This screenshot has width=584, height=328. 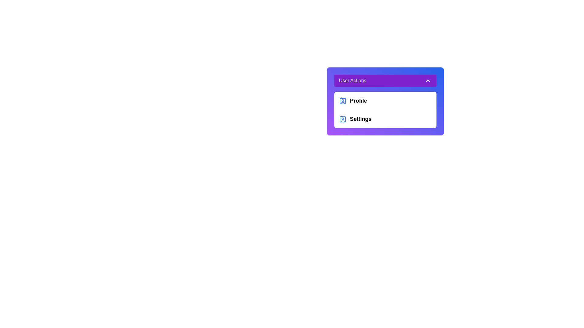 I want to click on the Profile icon element located in the User Actions dropdown menu, so click(x=342, y=101).